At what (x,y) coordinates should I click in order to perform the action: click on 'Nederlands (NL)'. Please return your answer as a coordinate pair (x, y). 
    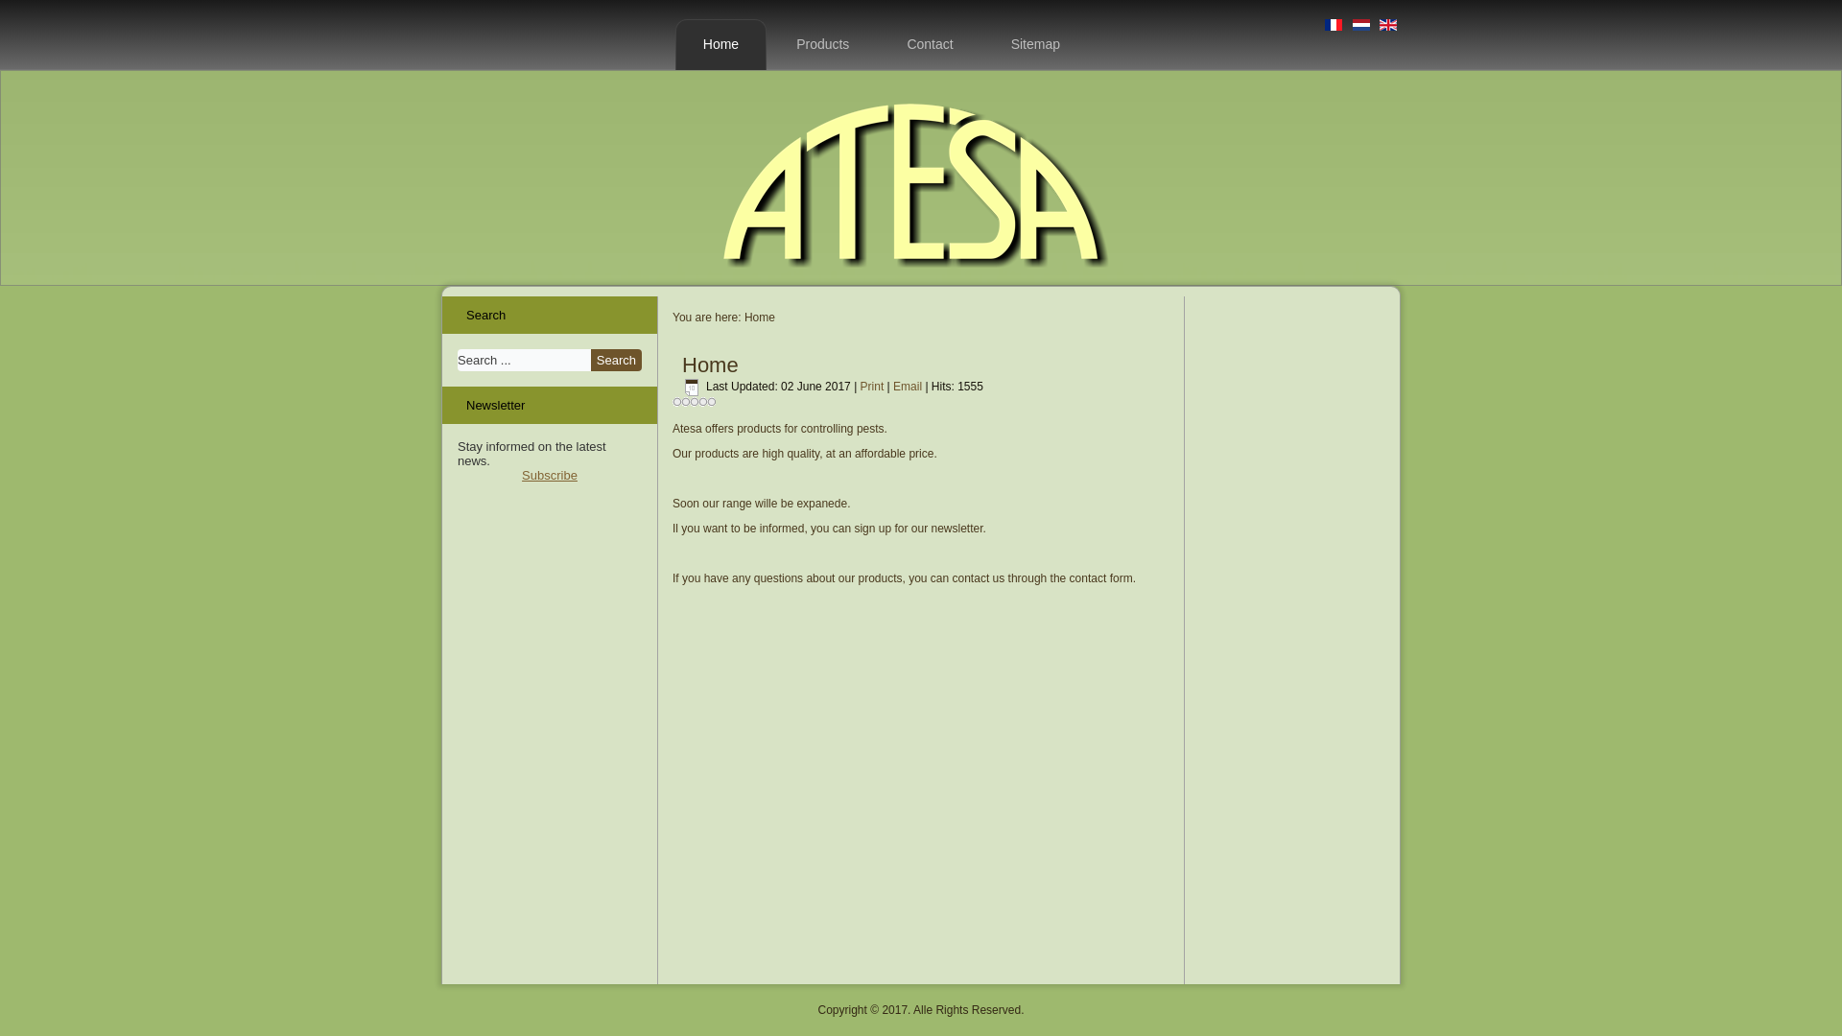
    Looking at the image, I should click on (1352, 25).